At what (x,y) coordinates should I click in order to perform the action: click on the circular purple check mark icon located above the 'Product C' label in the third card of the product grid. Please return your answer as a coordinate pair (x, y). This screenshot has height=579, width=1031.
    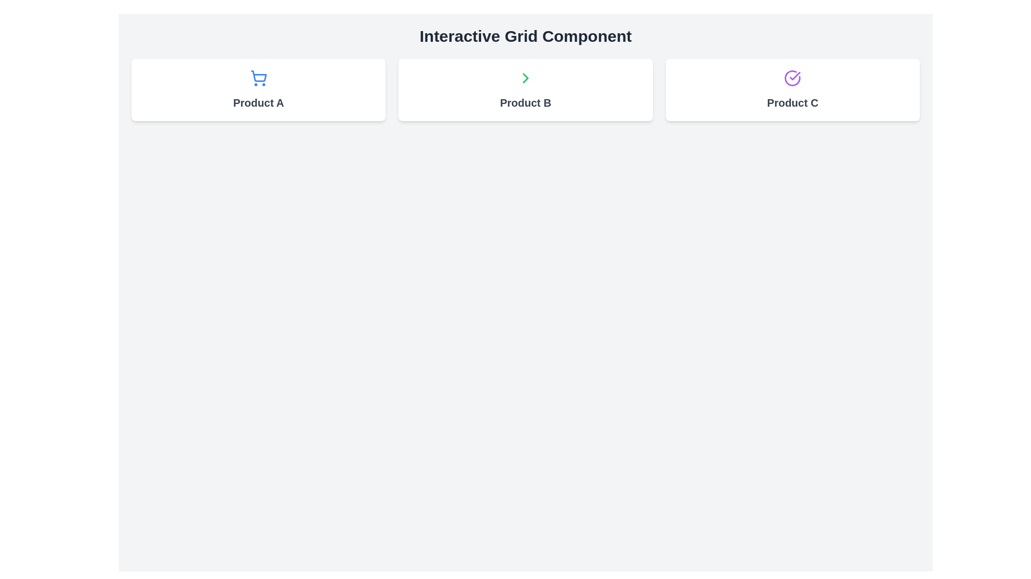
    Looking at the image, I should click on (793, 78).